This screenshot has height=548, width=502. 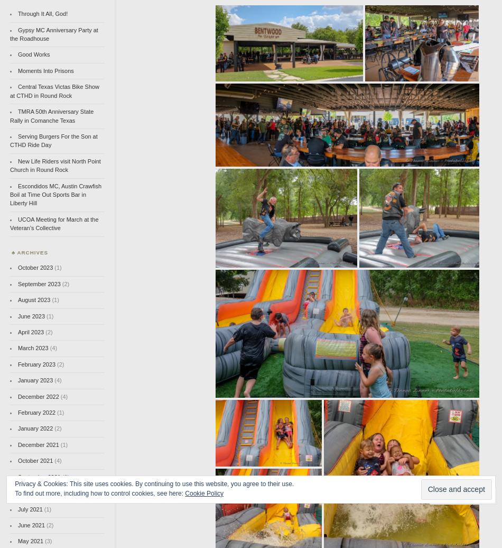 What do you see at coordinates (17, 54) in the screenshot?
I see `'Good Works'` at bounding box center [17, 54].